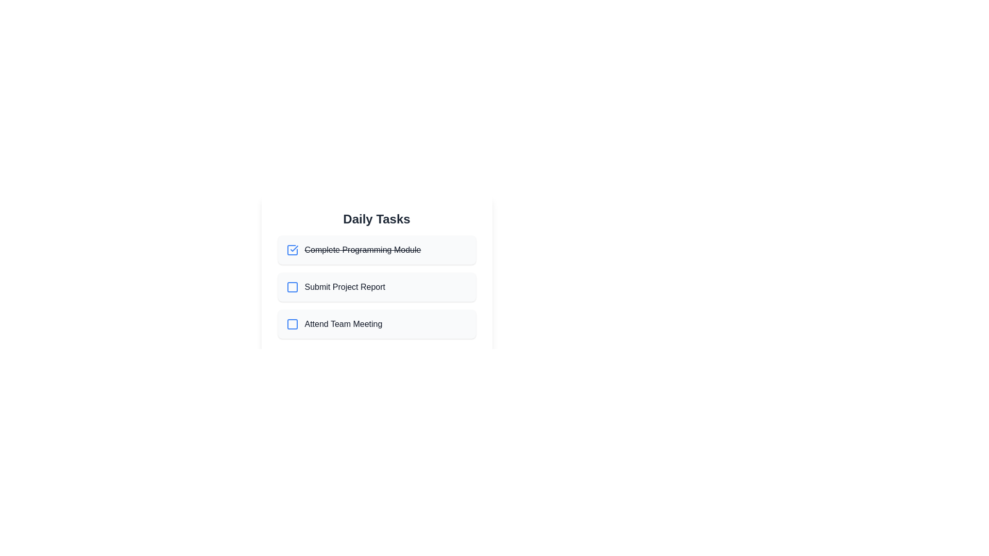  Describe the element at coordinates (292, 323) in the screenshot. I see `the checkbox located to the left of the text 'Attend Team Meeting' in the checklist interface` at that location.